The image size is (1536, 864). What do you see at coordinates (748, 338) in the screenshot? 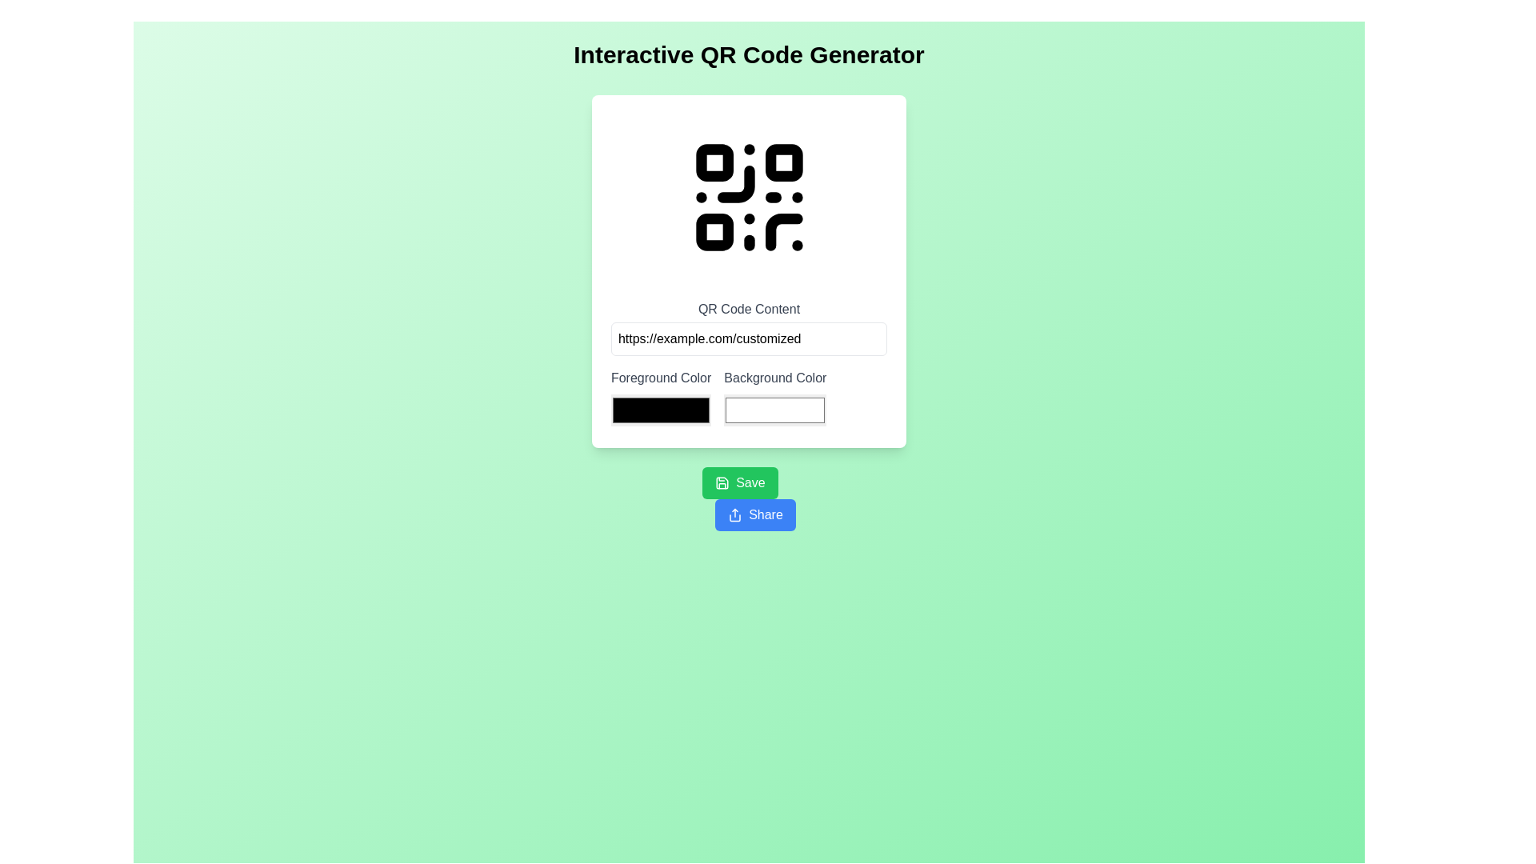
I see `the text input field labeled 'QR Code Content' to place the cursor and type text` at bounding box center [748, 338].